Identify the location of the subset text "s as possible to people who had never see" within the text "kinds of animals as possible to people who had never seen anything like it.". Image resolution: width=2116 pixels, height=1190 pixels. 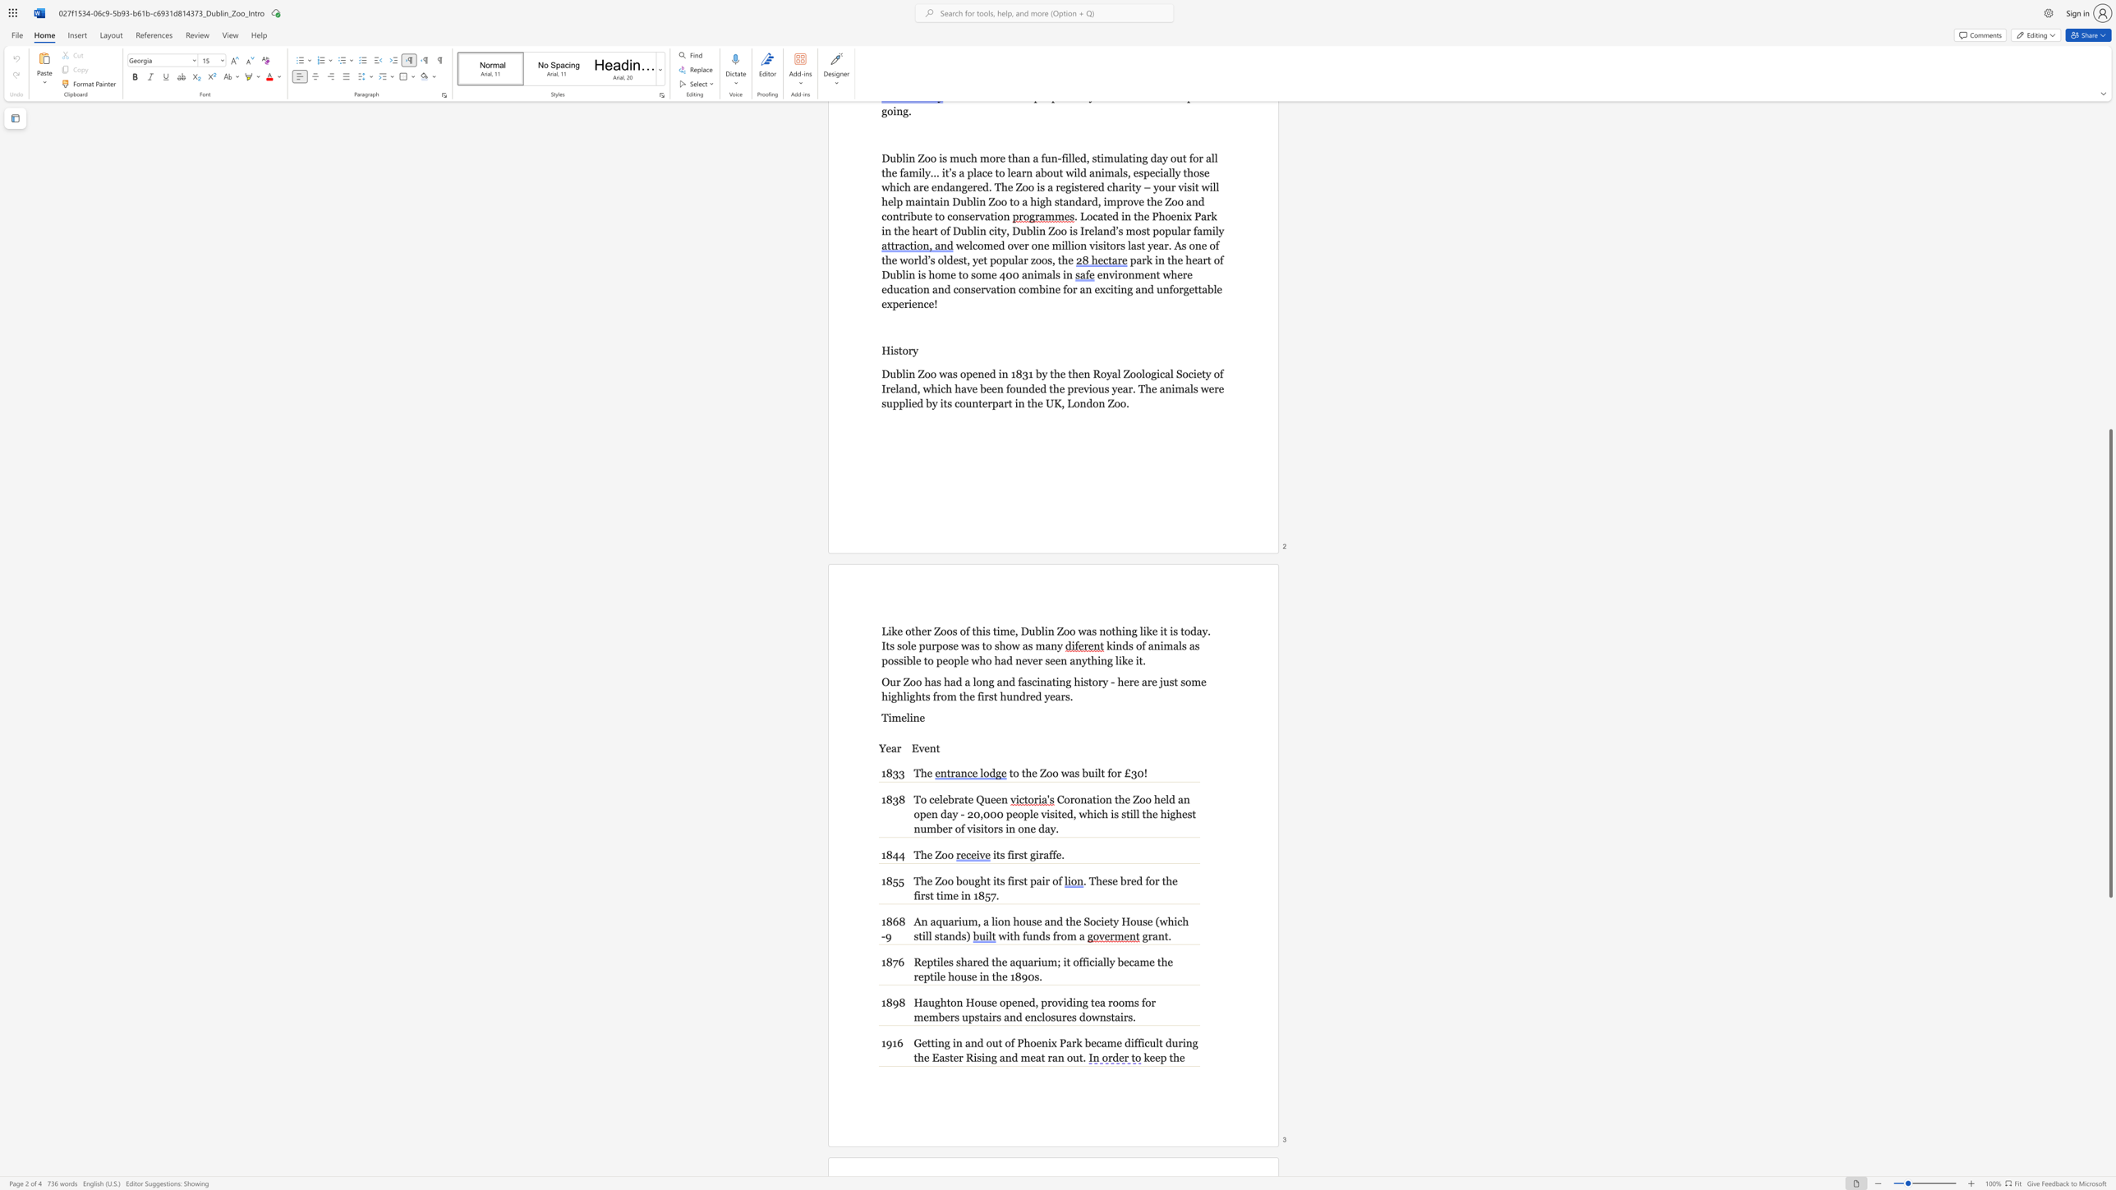
(1182, 646).